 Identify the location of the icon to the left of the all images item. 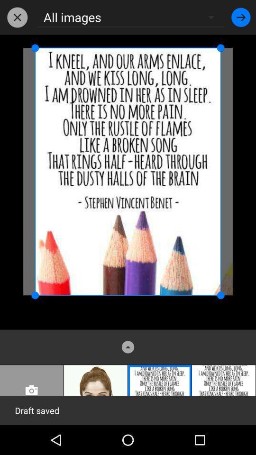
(17, 17).